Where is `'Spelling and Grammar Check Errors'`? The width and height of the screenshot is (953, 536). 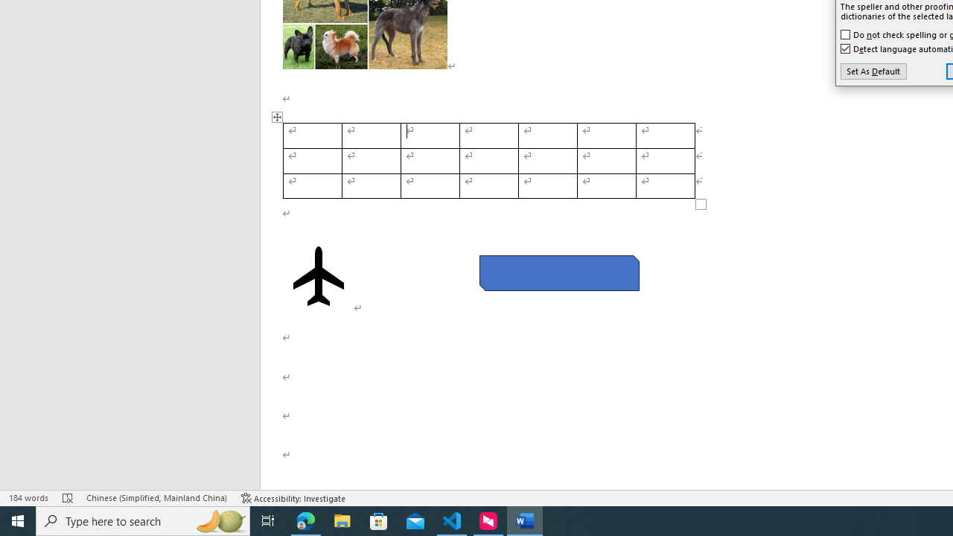 'Spelling and Grammar Check Errors' is located at coordinates (67, 498).